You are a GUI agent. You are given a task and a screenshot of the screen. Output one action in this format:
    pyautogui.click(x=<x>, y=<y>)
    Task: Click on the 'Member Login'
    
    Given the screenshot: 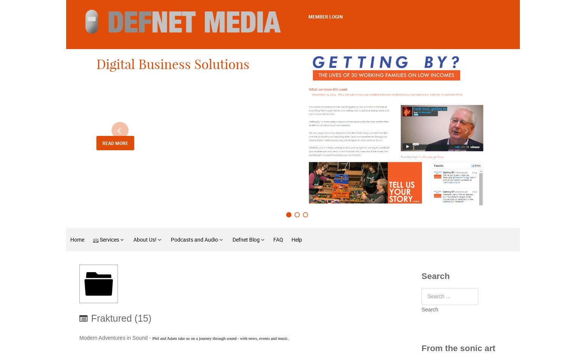 What is the action you would take?
    pyautogui.click(x=326, y=17)
    